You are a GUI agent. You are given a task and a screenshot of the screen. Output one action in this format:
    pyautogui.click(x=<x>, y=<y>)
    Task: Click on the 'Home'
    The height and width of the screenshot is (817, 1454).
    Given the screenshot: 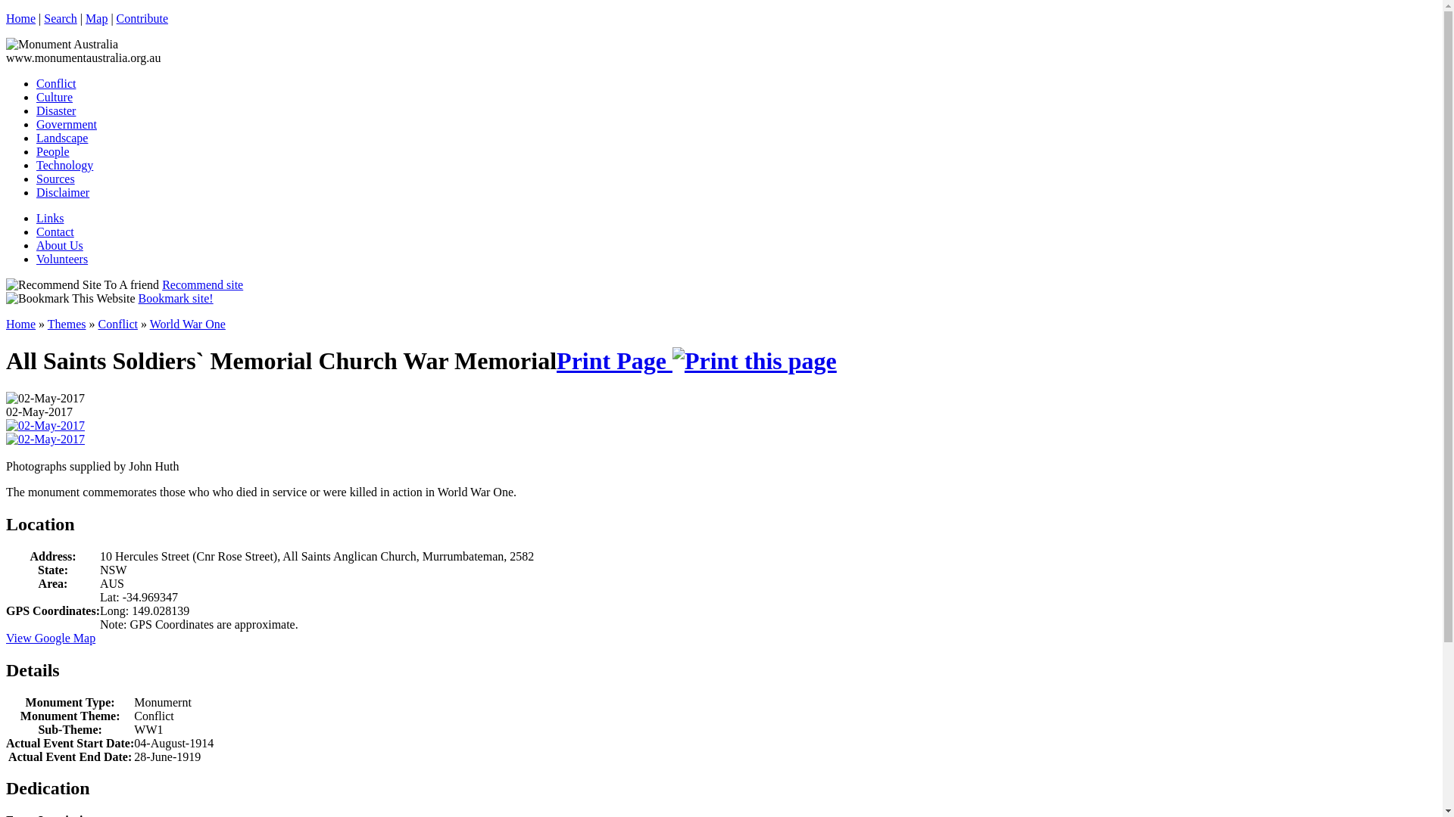 What is the action you would take?
    pyautogui.click(x=6, y=323)
    